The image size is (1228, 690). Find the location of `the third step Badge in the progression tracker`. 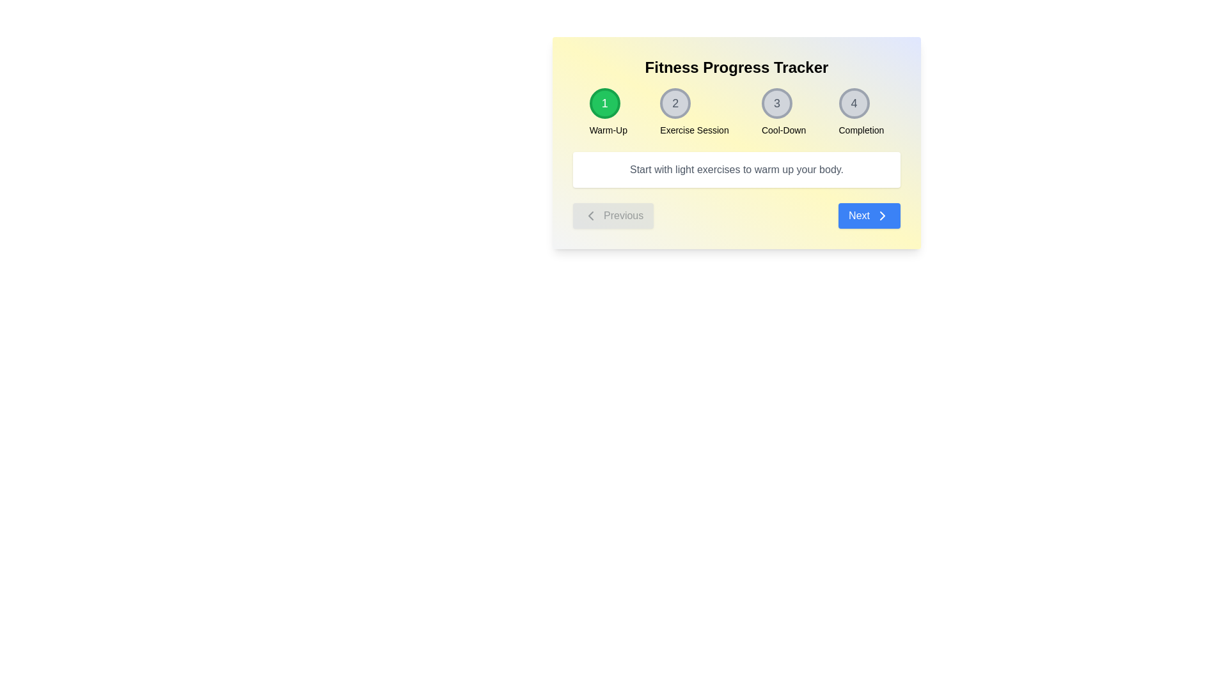

the third step Badge in the progression tracker is located at coordinates (776, 103).